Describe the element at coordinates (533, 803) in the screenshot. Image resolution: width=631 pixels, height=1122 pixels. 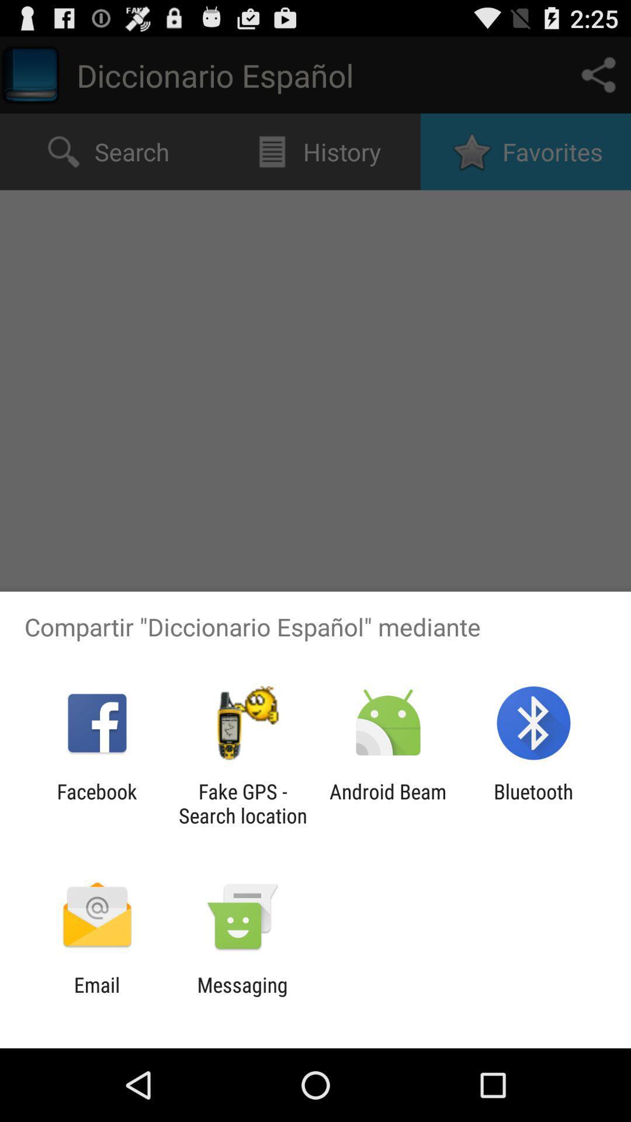
I see `the app at the bottom right corner` at that location.